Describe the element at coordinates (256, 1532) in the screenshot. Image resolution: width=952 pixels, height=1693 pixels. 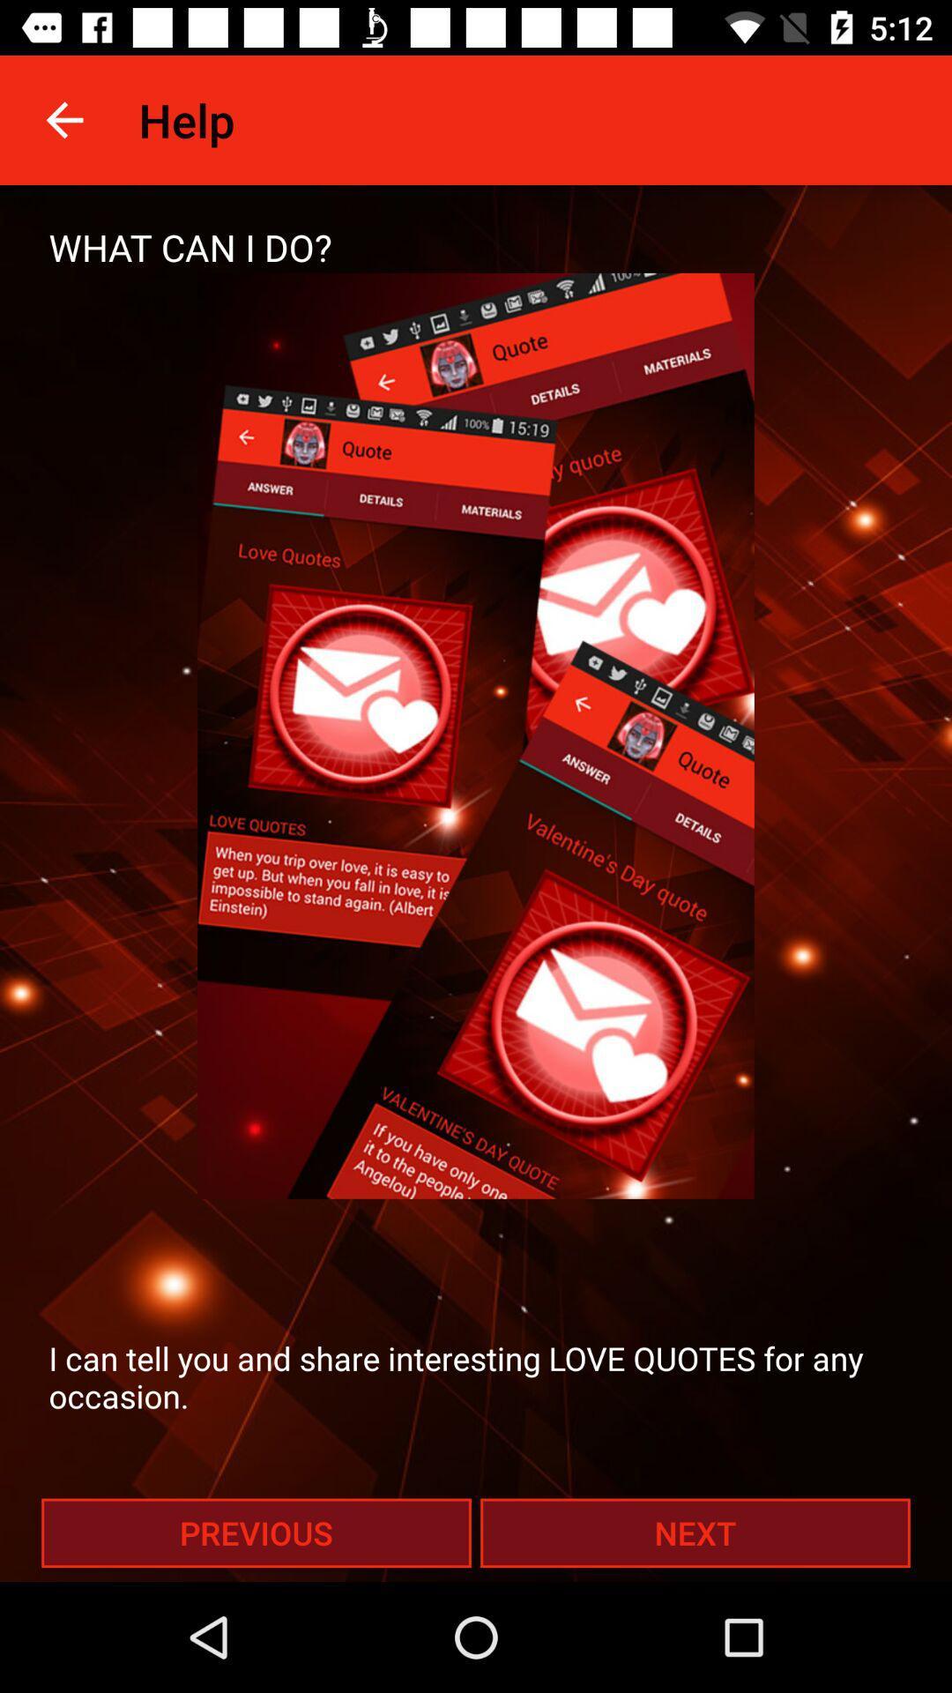
I see `the previous icon` at that location.